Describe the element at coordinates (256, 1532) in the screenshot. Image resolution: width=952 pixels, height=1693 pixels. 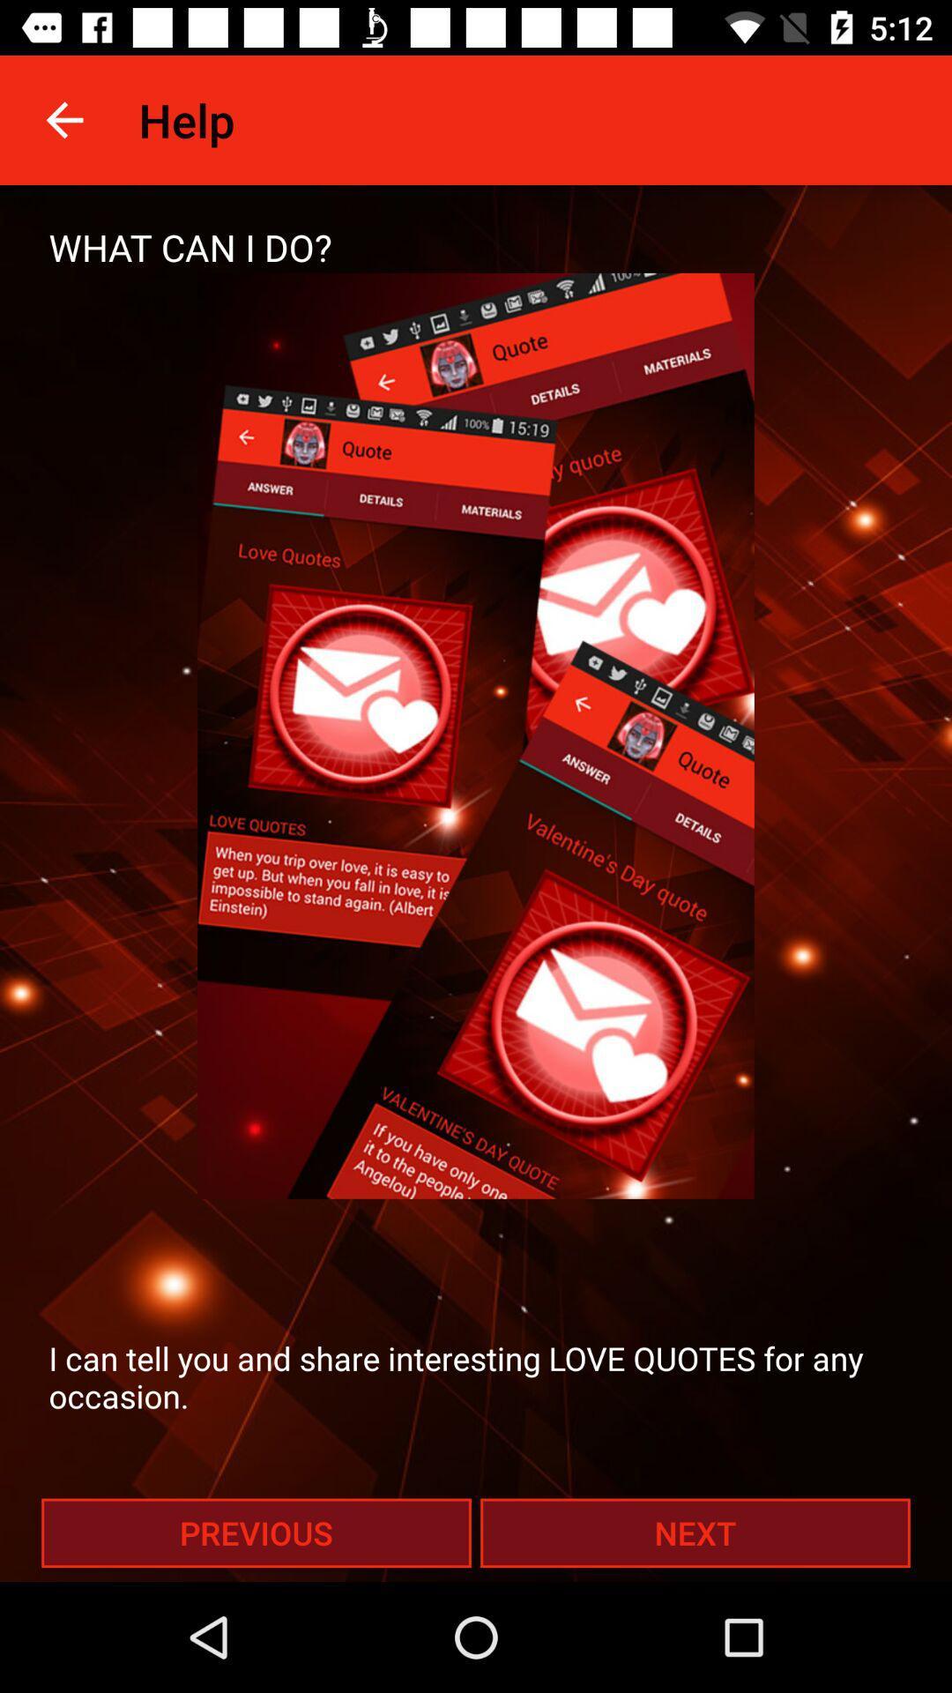
I see `the previous icon` at that location.